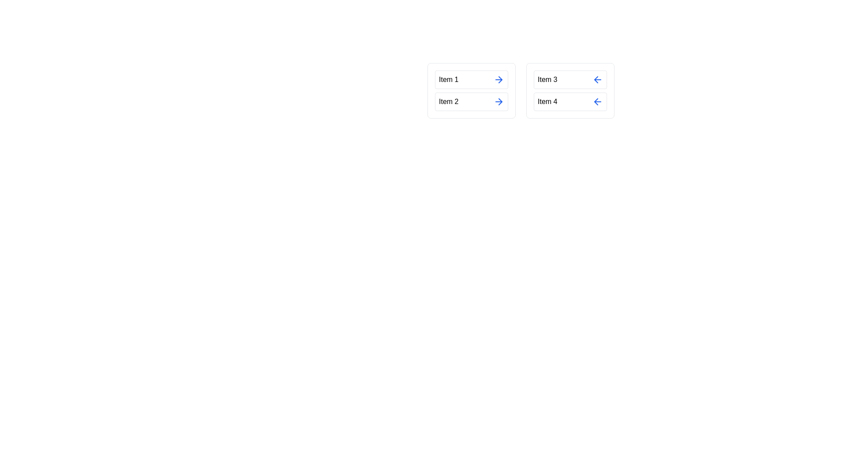 The width and height of the screenshot is (847, 476). What do you see at coordinates (597, 80) in the screenshot?
I see `arrow button next to the item Item 3 in the right list to transfer it to the left list` at bounding box center [597, 80].